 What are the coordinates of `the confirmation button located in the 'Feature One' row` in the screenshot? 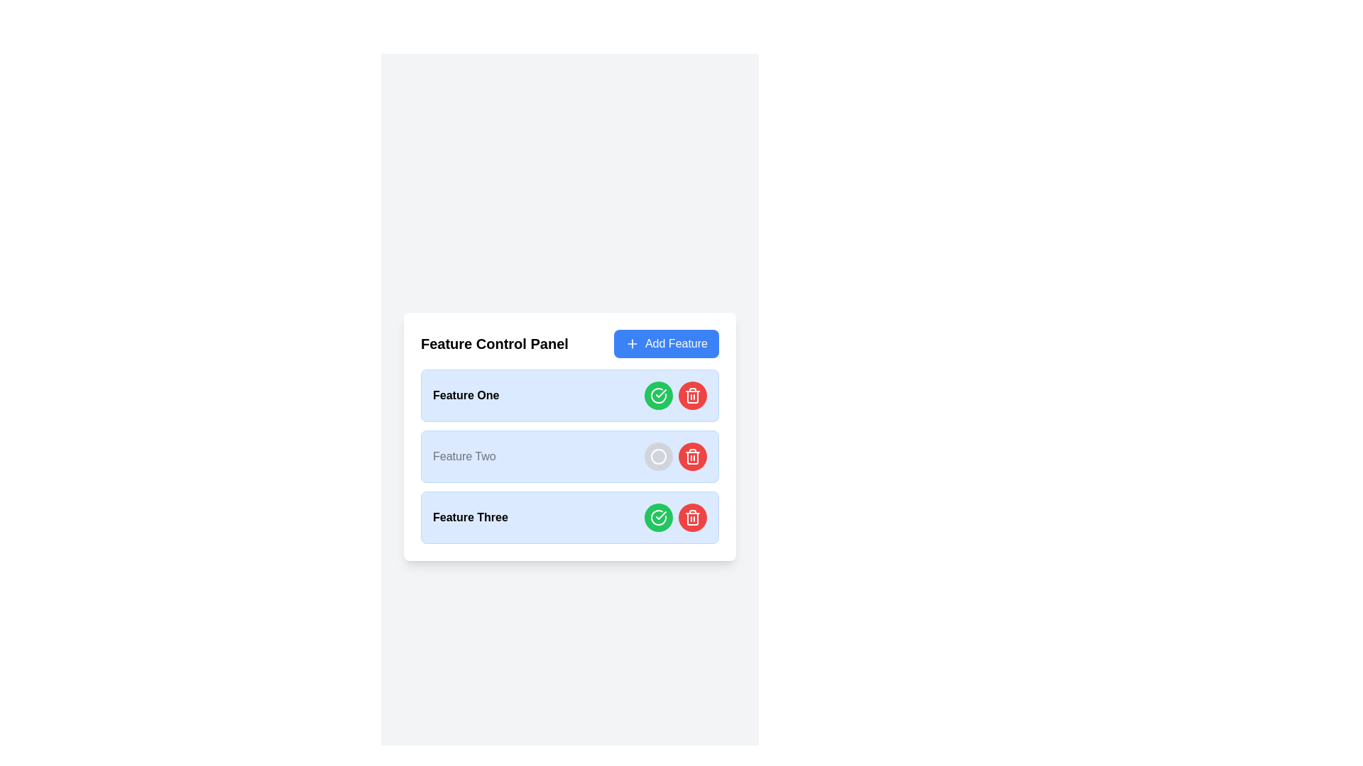 It's located at (657, 396).